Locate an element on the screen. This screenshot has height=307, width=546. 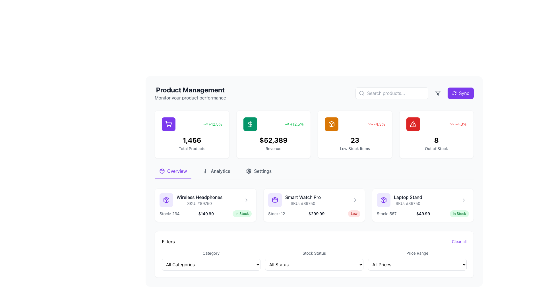
the cogwheel icon button located in the top central part of the interface, which is the fourth tab in the navigation bar is located at coordinates (249, 171).